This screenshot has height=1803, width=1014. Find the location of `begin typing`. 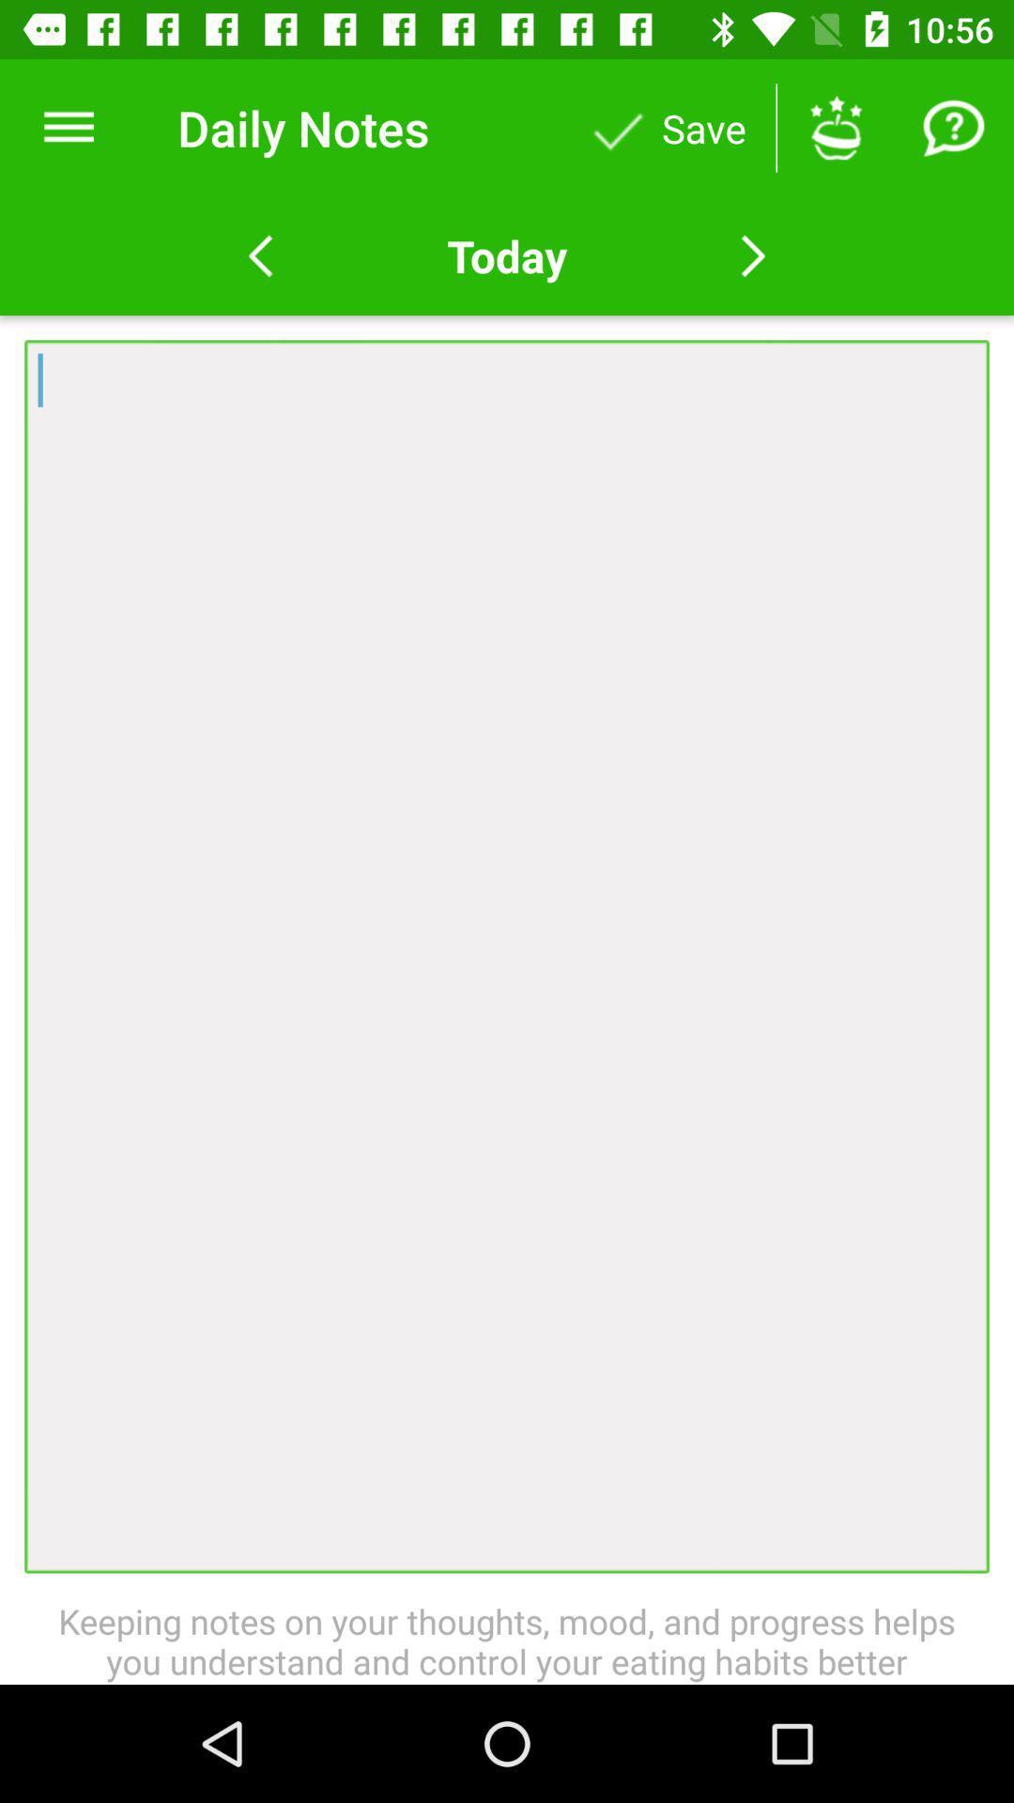

begin typing is located at coordinates (507, 956).